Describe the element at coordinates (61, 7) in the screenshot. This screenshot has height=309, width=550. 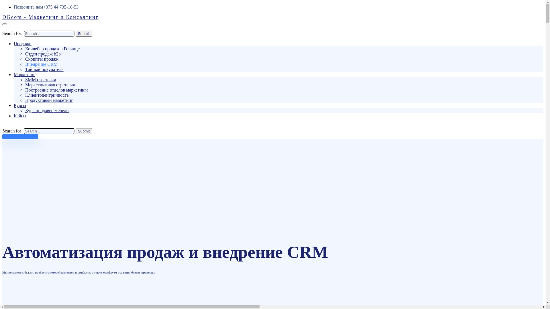
I see `'+375 44 735-10-53'` at that location.